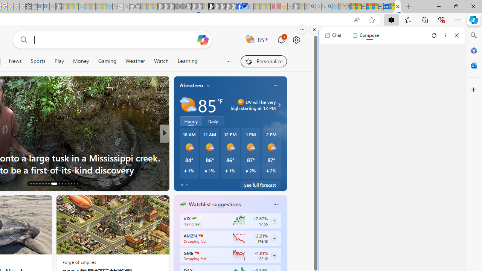 The width and height of the screenshot is (482, 271). What do you see at coordinates (239, 6) in the screenshot?
I see `'Nordace | Facebook'` at bounding box center [239, 6].